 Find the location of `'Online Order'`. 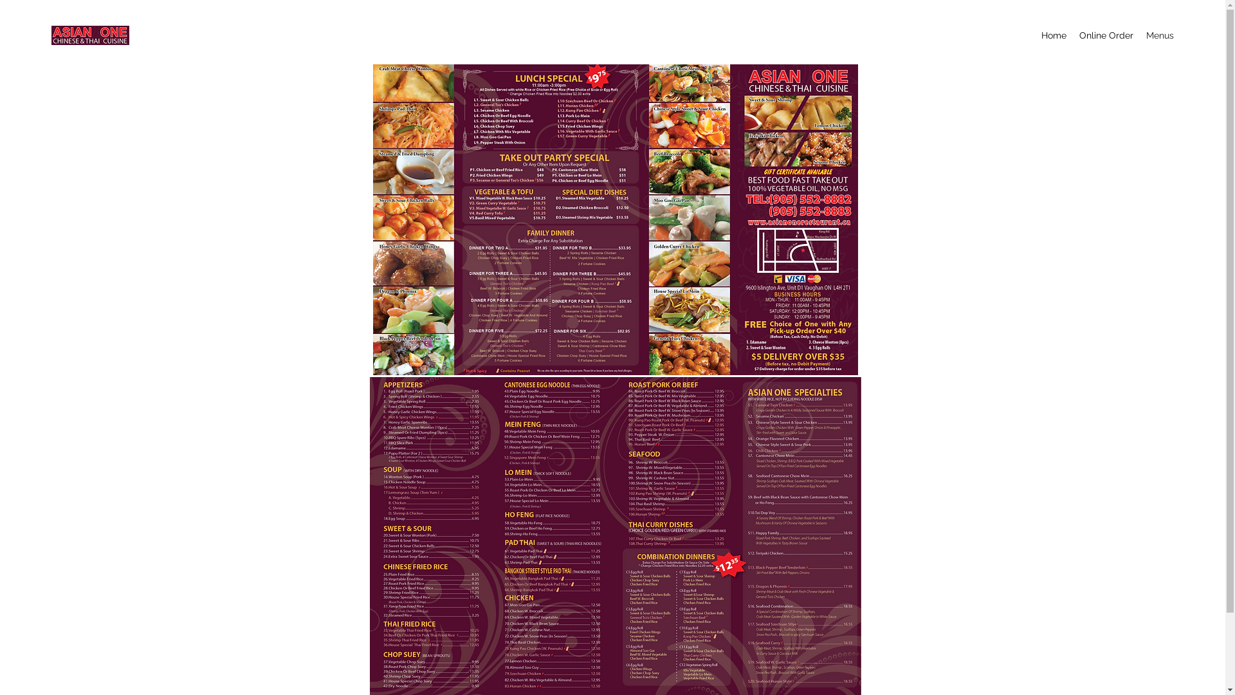

'Online Order' is located at coordinates (1073, 34).